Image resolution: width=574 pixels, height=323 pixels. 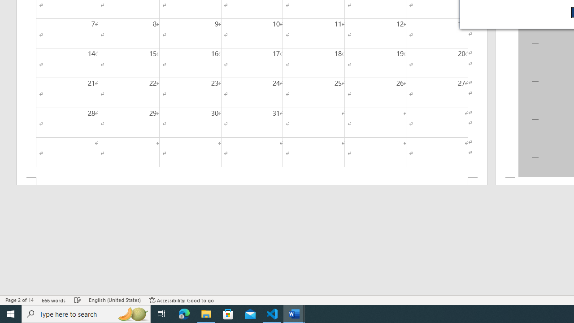 I want to click on 'Search highlights icon opens search home window', so click(x=132, y=313).